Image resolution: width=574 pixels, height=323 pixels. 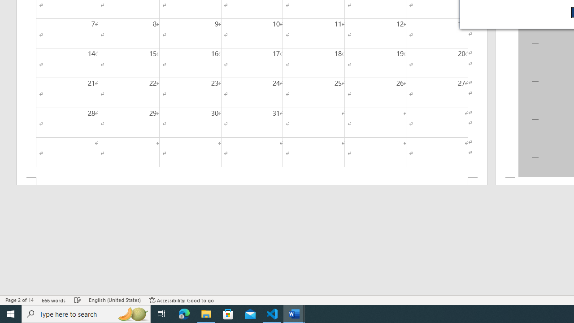 I want to click on 'Search highlights icon opens search home window', so click(x=132, y=313).